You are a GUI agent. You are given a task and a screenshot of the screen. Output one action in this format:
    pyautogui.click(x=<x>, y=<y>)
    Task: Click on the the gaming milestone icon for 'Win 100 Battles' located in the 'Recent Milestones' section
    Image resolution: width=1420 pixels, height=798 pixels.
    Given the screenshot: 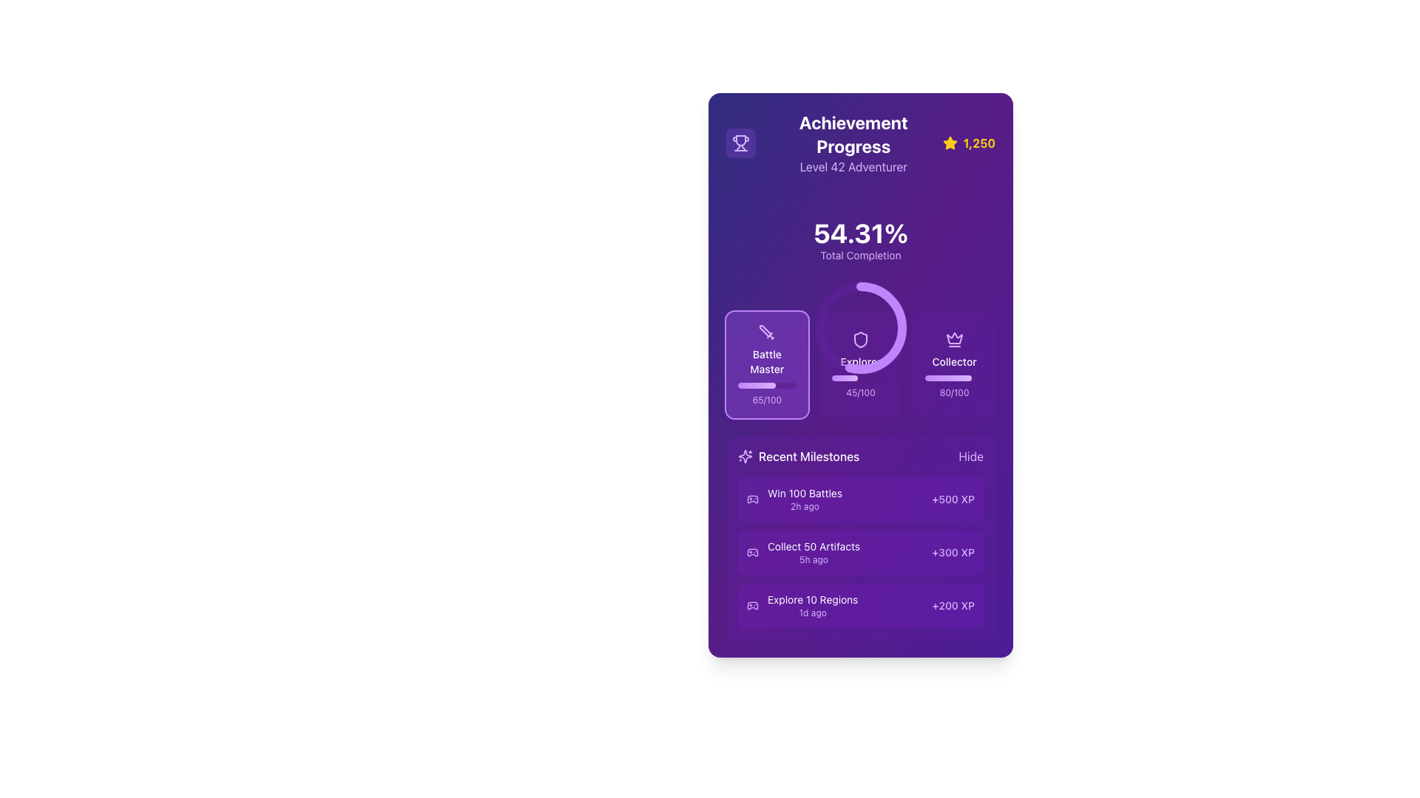 What is the action you would take?
    pyautogui.click(x=752, y=499)
    